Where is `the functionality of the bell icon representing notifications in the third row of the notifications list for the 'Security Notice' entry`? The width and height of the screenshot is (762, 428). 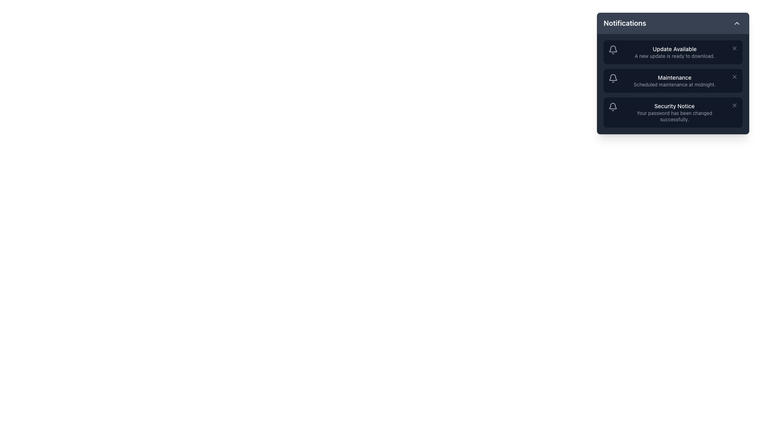
the functionality of the bell icon representing notifications in the third row of the notifications list for the 'Security Notice' entry is located at coordinates (612, 105).